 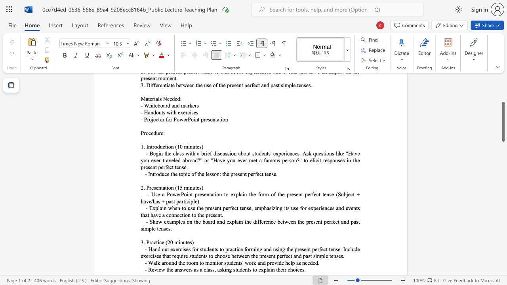 I want to click on the 11th character "e" in the text, so click(x=292, y=222).